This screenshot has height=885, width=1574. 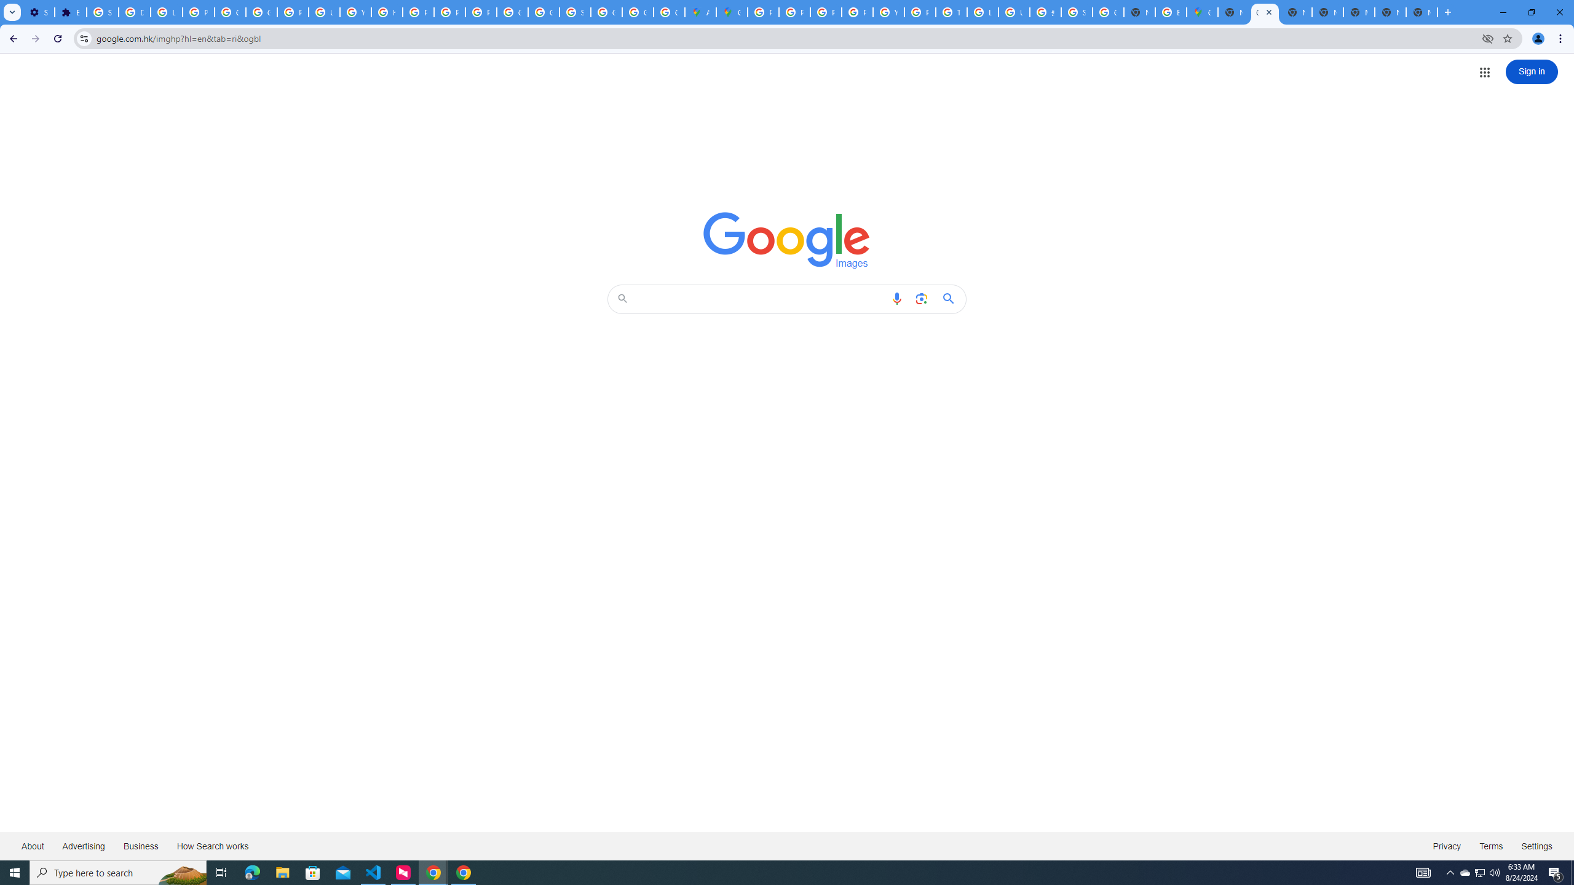 I want to click on 'Tips & tricks for Chrome - Google Chrome Help', so click(x=951, y=12).